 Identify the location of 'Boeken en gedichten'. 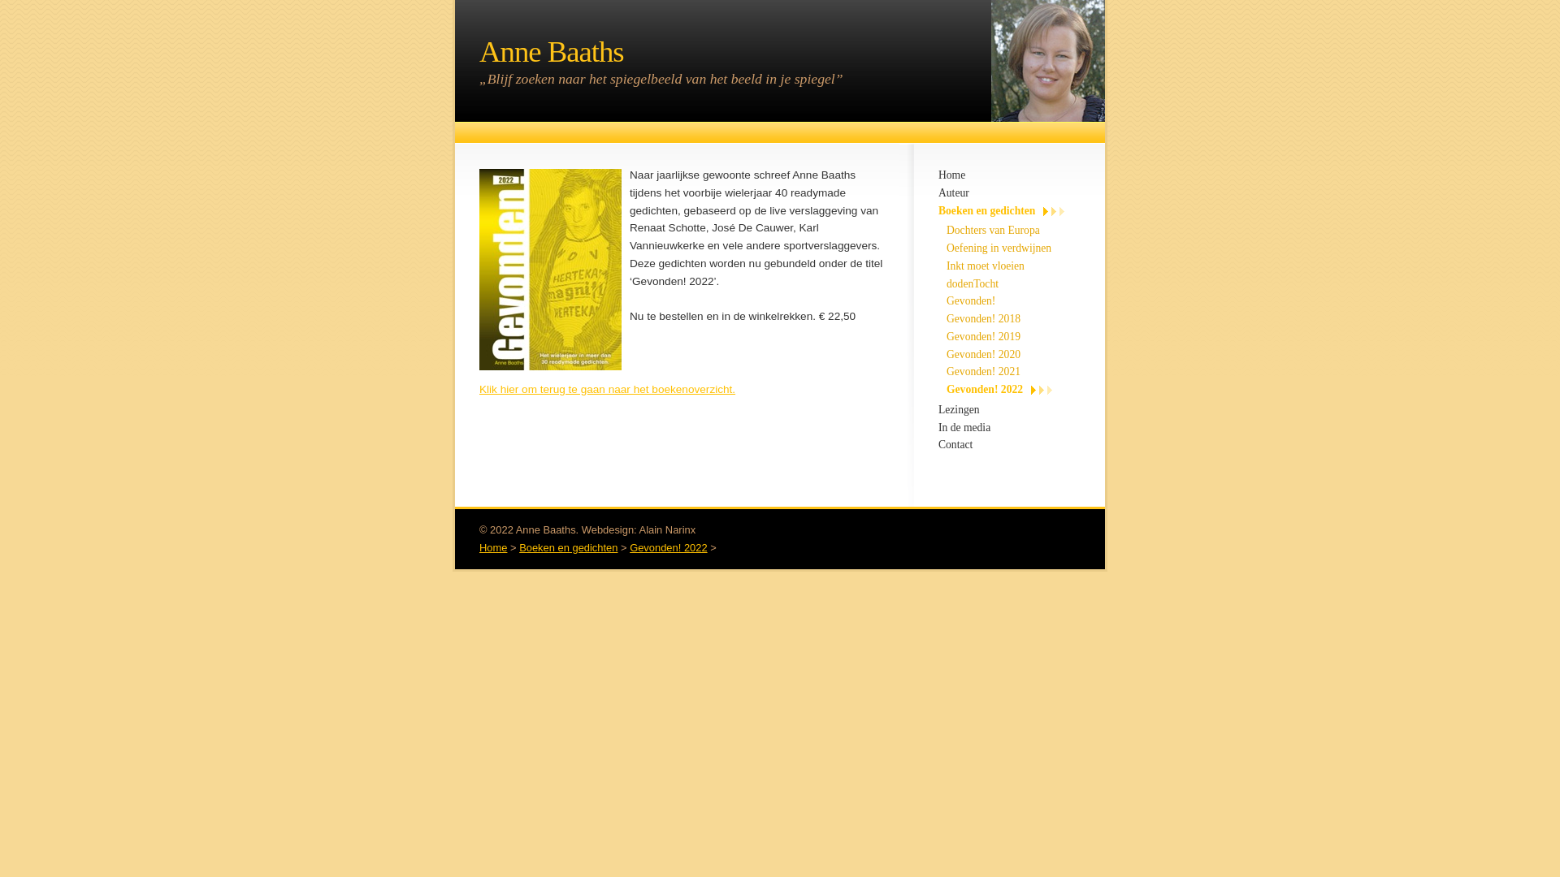
(568, 547).